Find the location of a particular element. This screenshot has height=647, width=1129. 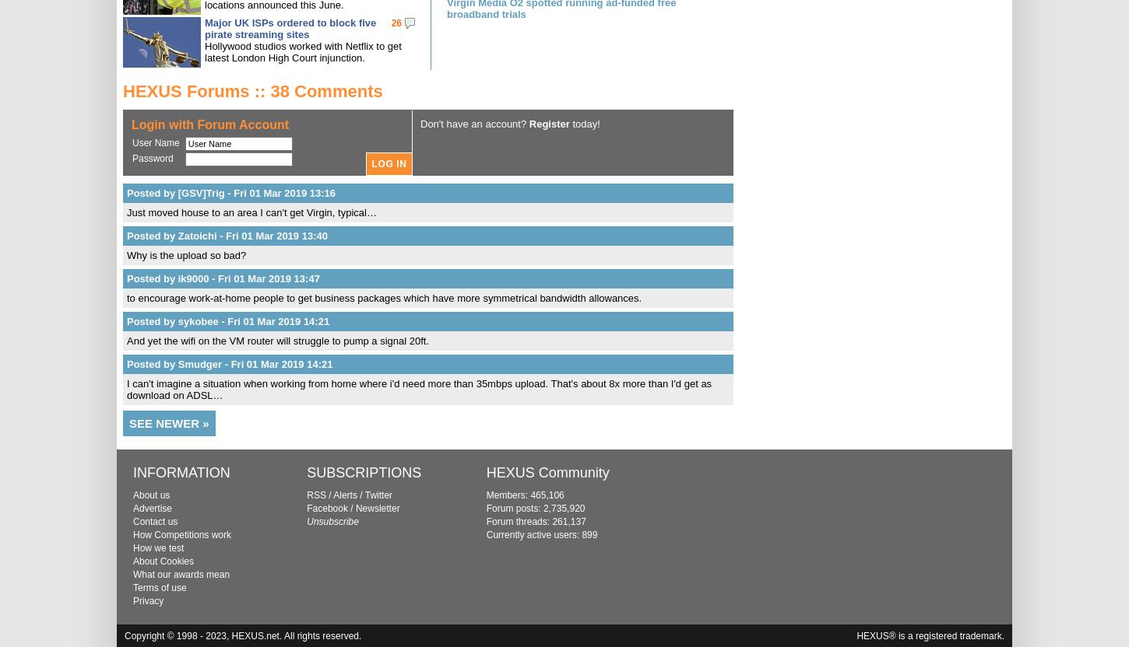

'Facebook' is located at coordinates (326, 509).